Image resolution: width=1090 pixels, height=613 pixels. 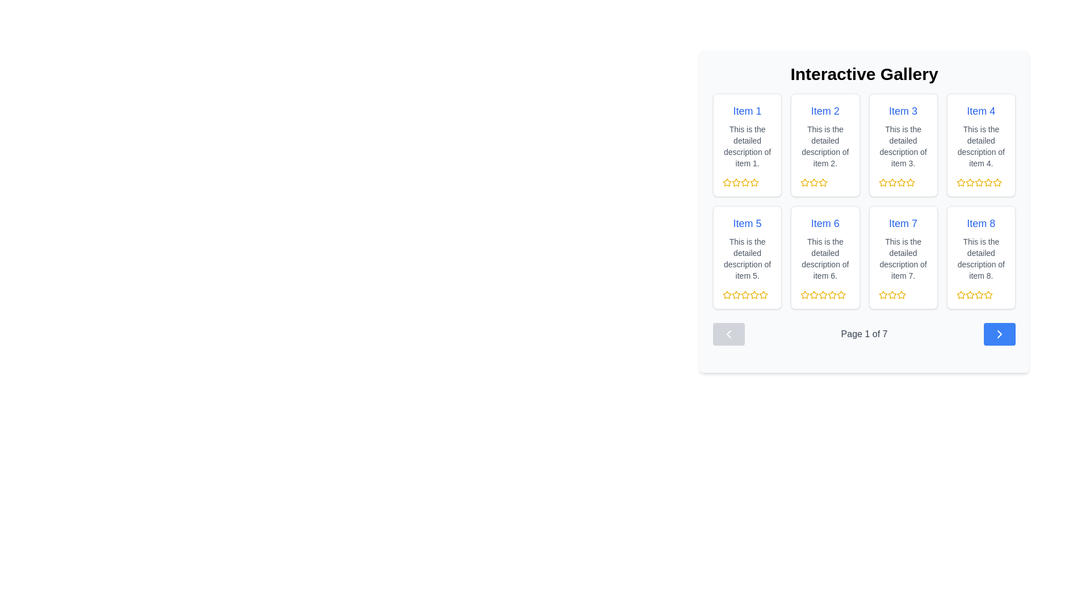 What do you see at coordinates (980, 223) in the screenshot?
I see `the text heading that serves as a title or identifier for the corresponding tile in the grid of items, located in the bottom-right corner of the display area` at bounding box center [980, 223].